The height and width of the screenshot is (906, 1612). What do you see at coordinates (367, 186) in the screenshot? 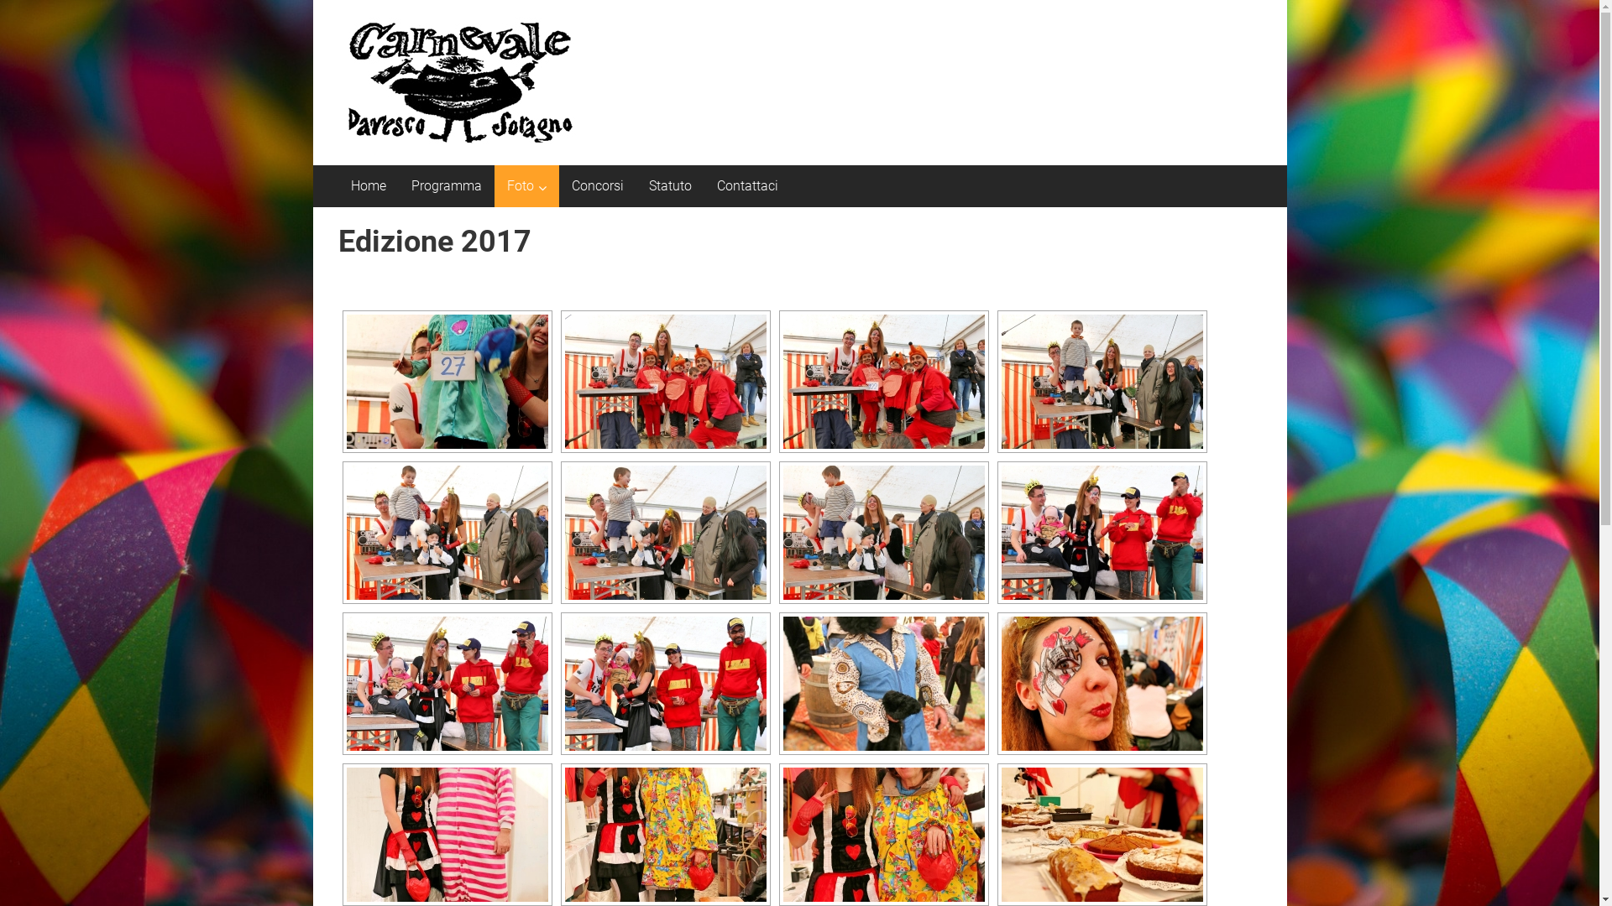
I see `'Home'` at bounding box center [367, 186].